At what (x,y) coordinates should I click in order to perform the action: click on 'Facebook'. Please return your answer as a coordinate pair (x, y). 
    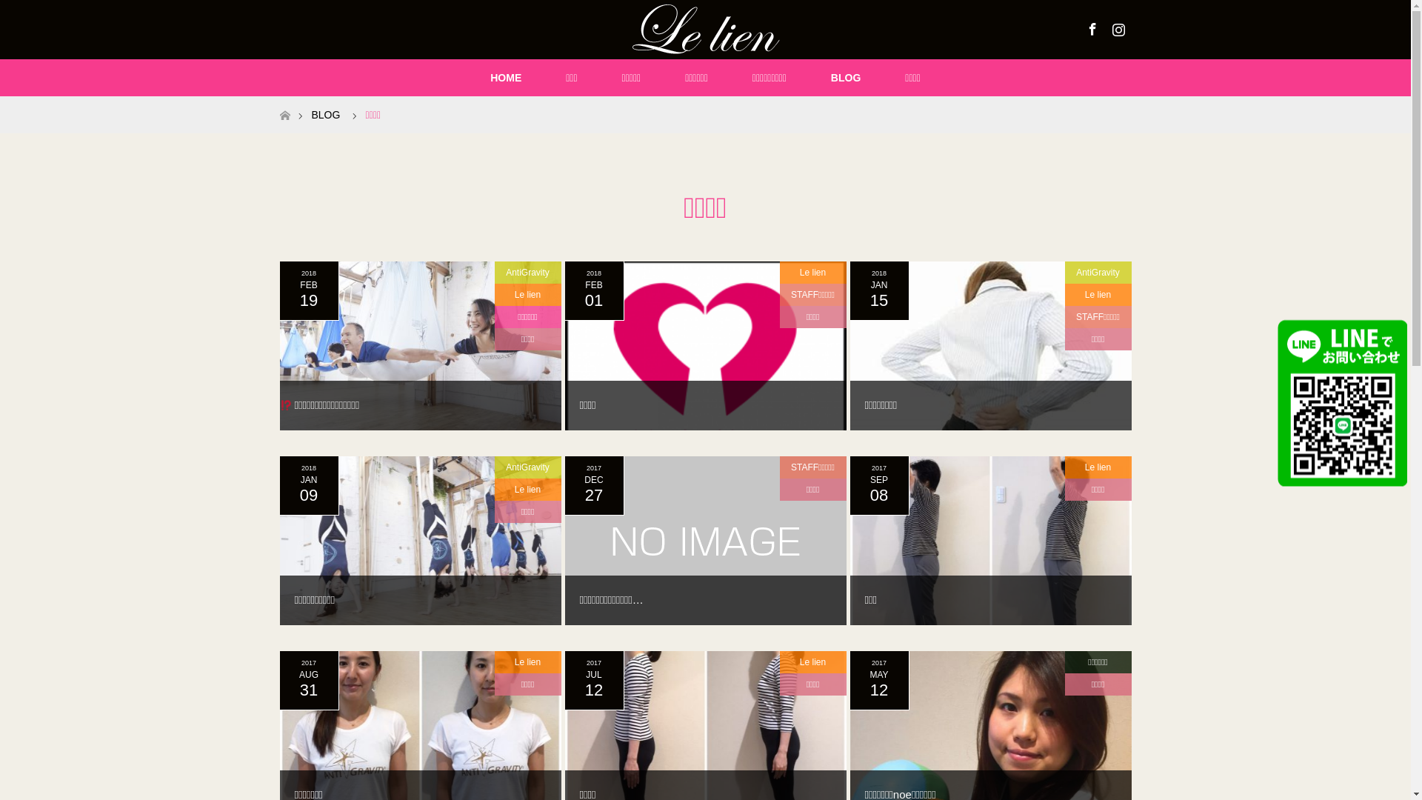
    Looking at the image, I should click on (1091, 26).